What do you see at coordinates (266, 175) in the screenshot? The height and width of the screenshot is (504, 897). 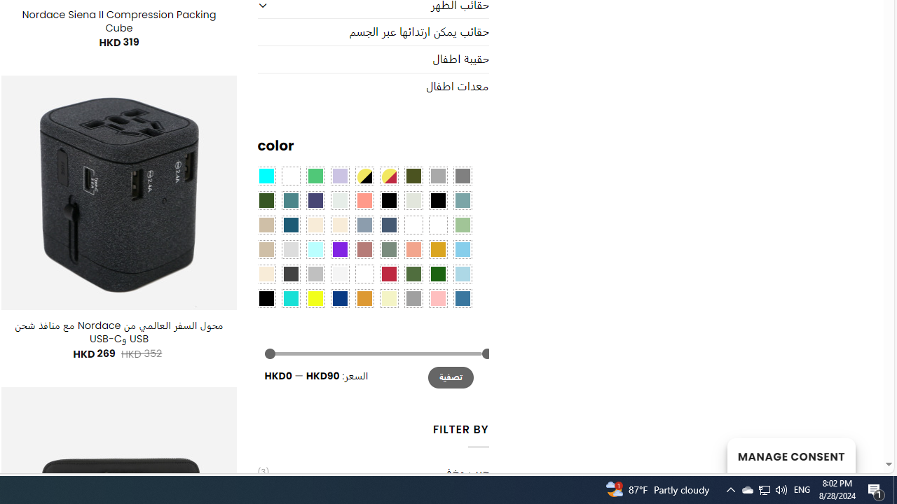 I see `'Aqua Blue'` at bounding box center [266, 175].